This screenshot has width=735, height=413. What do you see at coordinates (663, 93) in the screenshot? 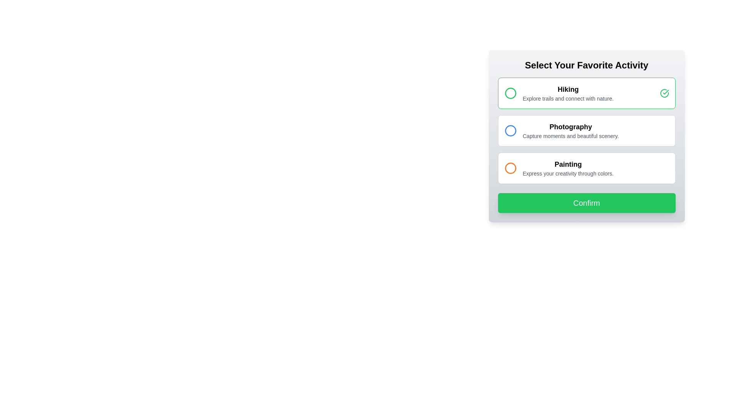
I see `the 'Hiking' option icon that indicates selection, located inside the 'Hiking' option box on the right side, aligned with the text below the title 'Hiking'` at bounding box center [663, 93].